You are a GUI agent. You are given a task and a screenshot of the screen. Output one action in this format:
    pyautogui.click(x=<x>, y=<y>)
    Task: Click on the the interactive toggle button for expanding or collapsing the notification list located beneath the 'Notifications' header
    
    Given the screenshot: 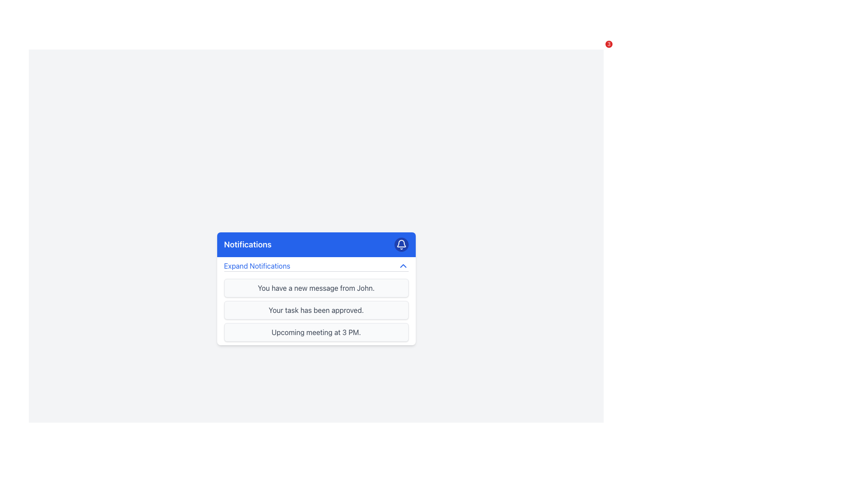 What is the action you would take?
    pyautogui.click(x=316, y=266)
    